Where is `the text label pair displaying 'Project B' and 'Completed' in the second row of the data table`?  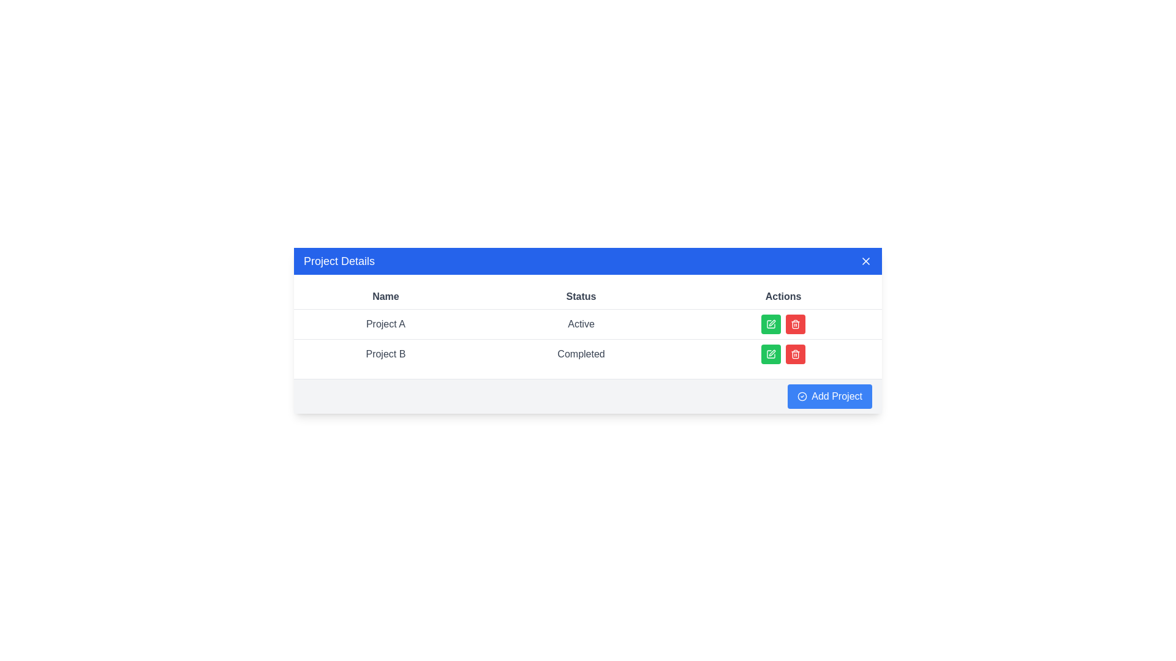 the text label pair displaying 'Project B' and 'Completed' in the second row of the data table is located at coordinates (588, 354).